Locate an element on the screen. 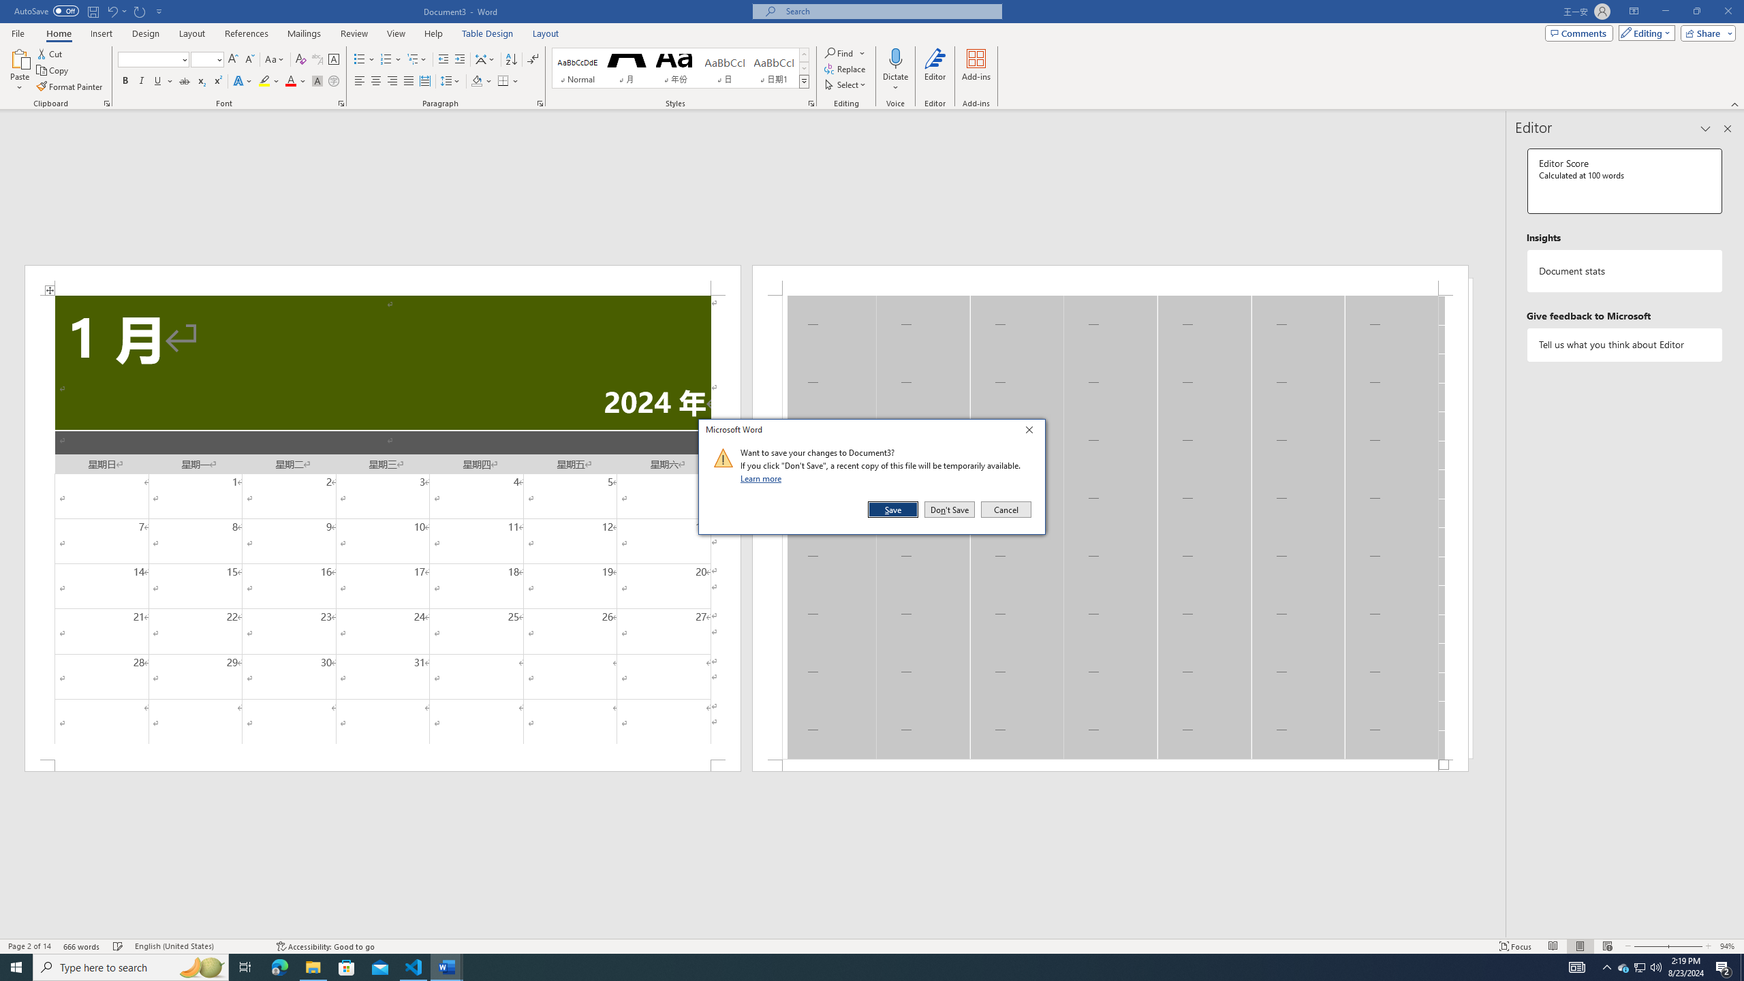 This screenshot has width=1744, height=981. 'User Promoted Notification Area' is located at coordinates (1638, 966).